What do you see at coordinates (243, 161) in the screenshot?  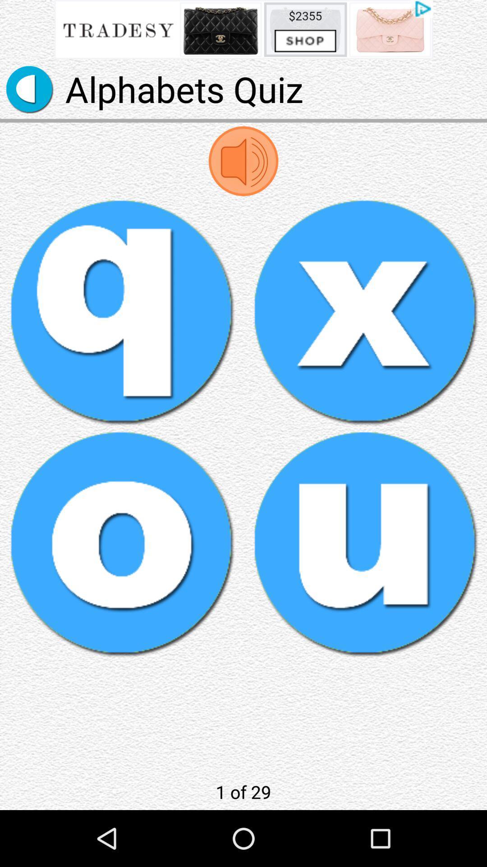 I see `speaker` at bounding box center [243, 161].